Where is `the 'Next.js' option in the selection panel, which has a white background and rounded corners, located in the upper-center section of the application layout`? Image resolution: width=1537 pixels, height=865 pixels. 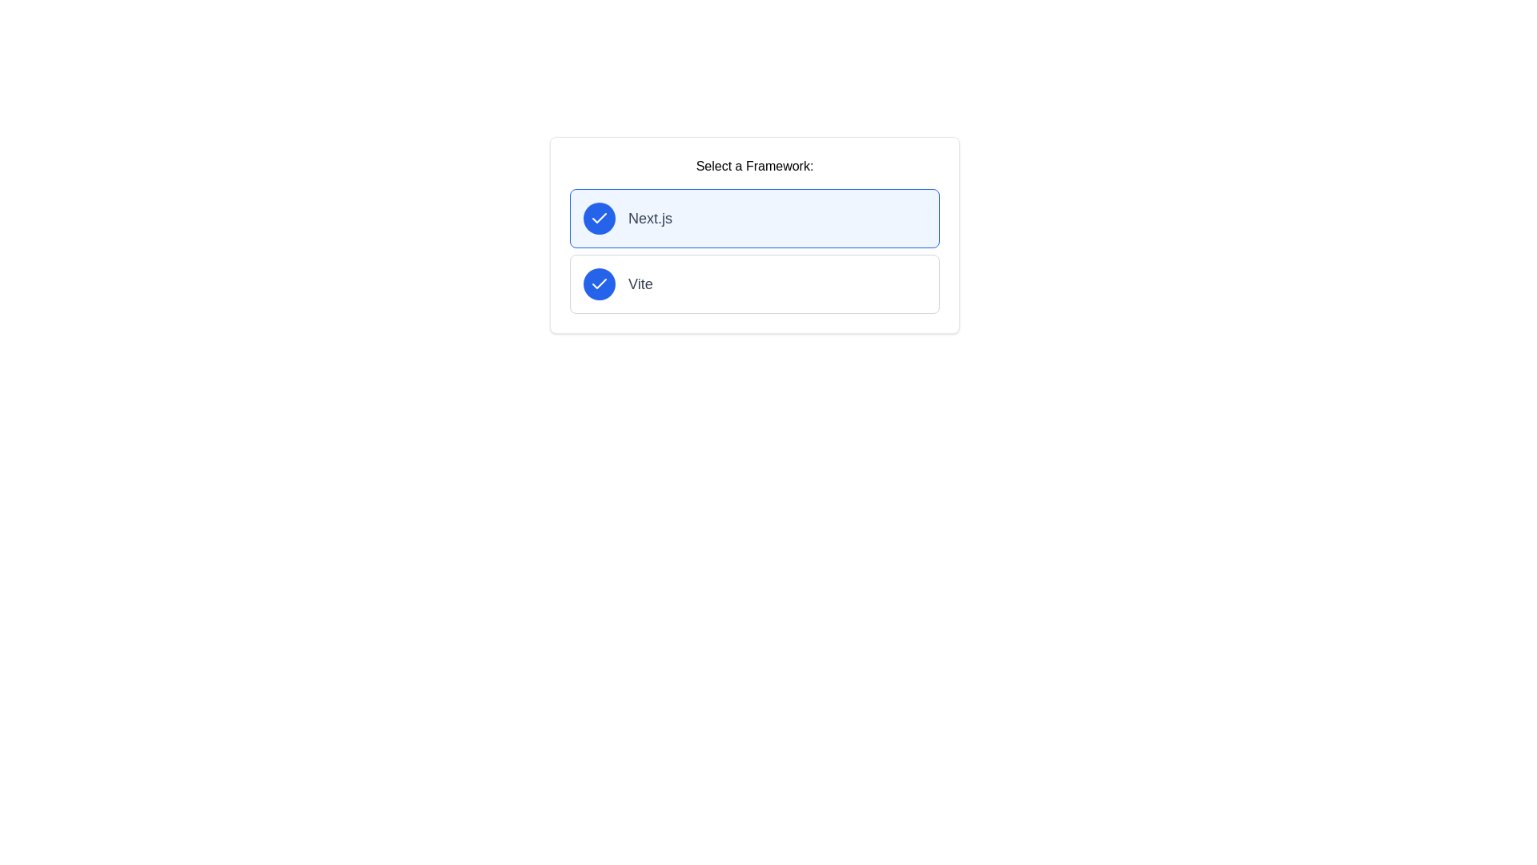 the 'Next.js' option in the selection panel, which has a white background and rounded corners, located in the upper-center section of the application layout is located at coordinates (753, 235).